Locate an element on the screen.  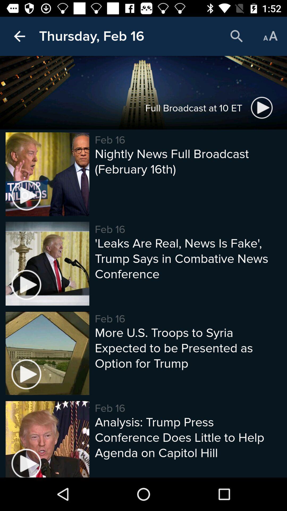
the thursday, feb 16 is located at coordinates (91, 36).